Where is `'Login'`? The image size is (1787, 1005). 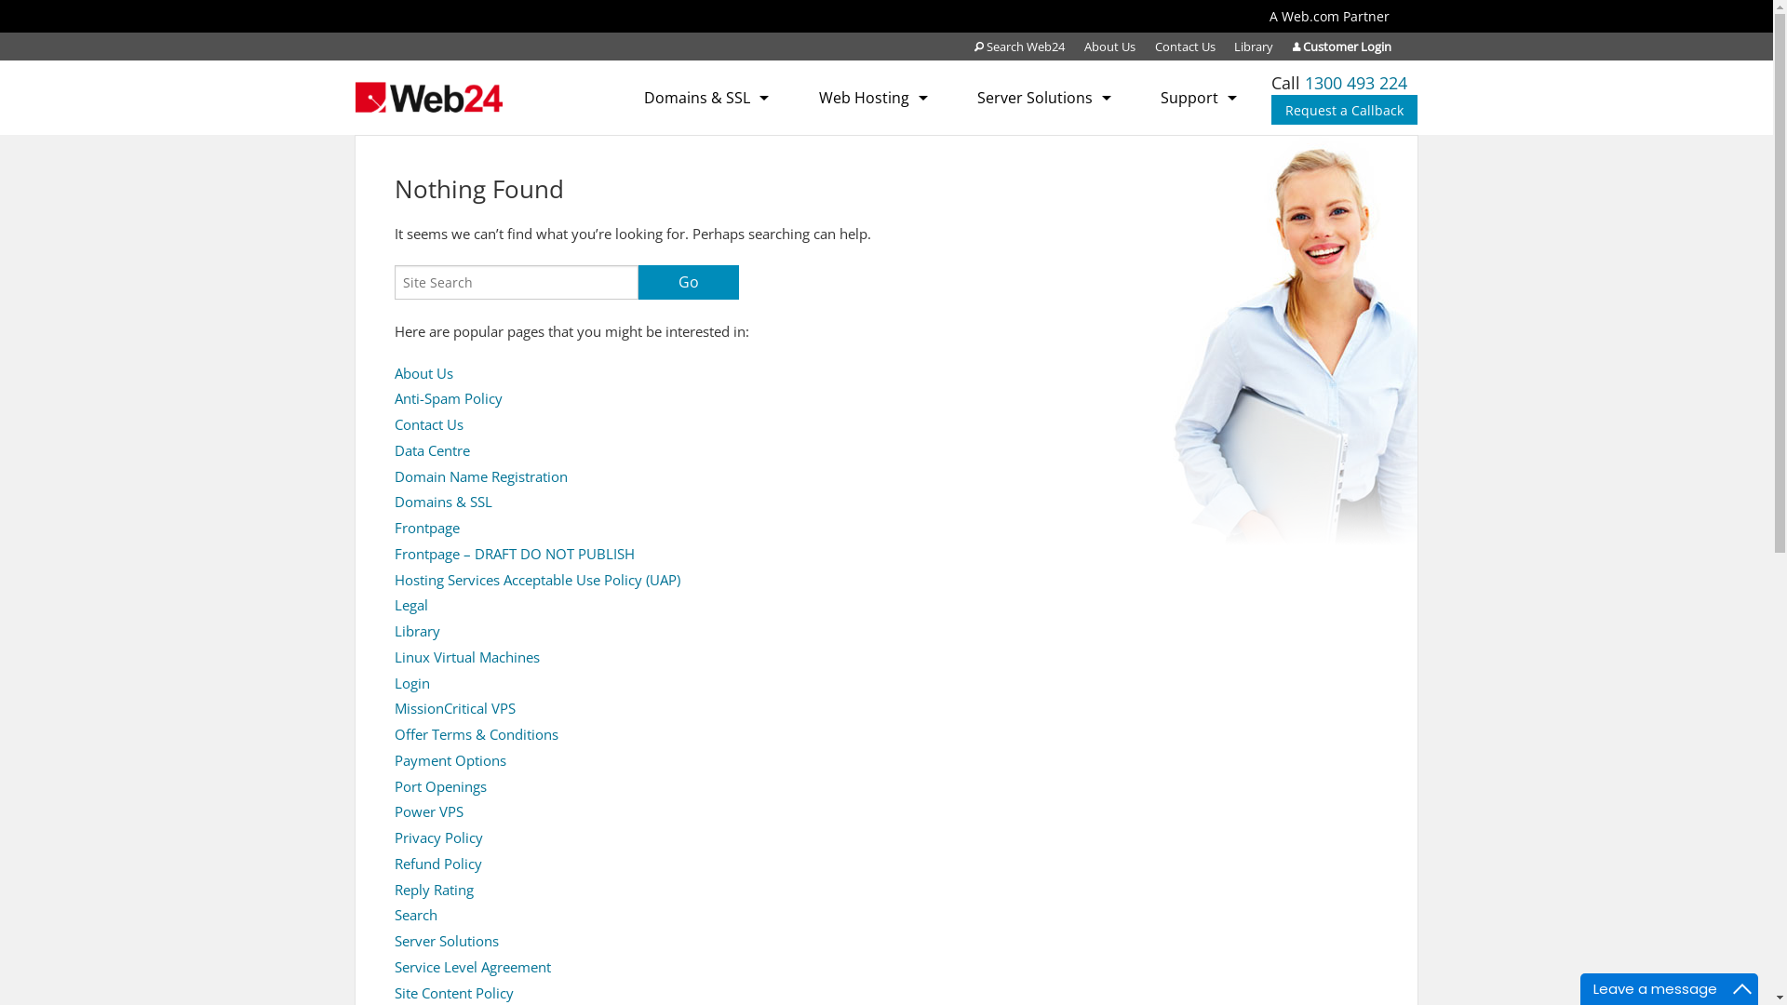 'Login' is located at coordinates (410, 683).